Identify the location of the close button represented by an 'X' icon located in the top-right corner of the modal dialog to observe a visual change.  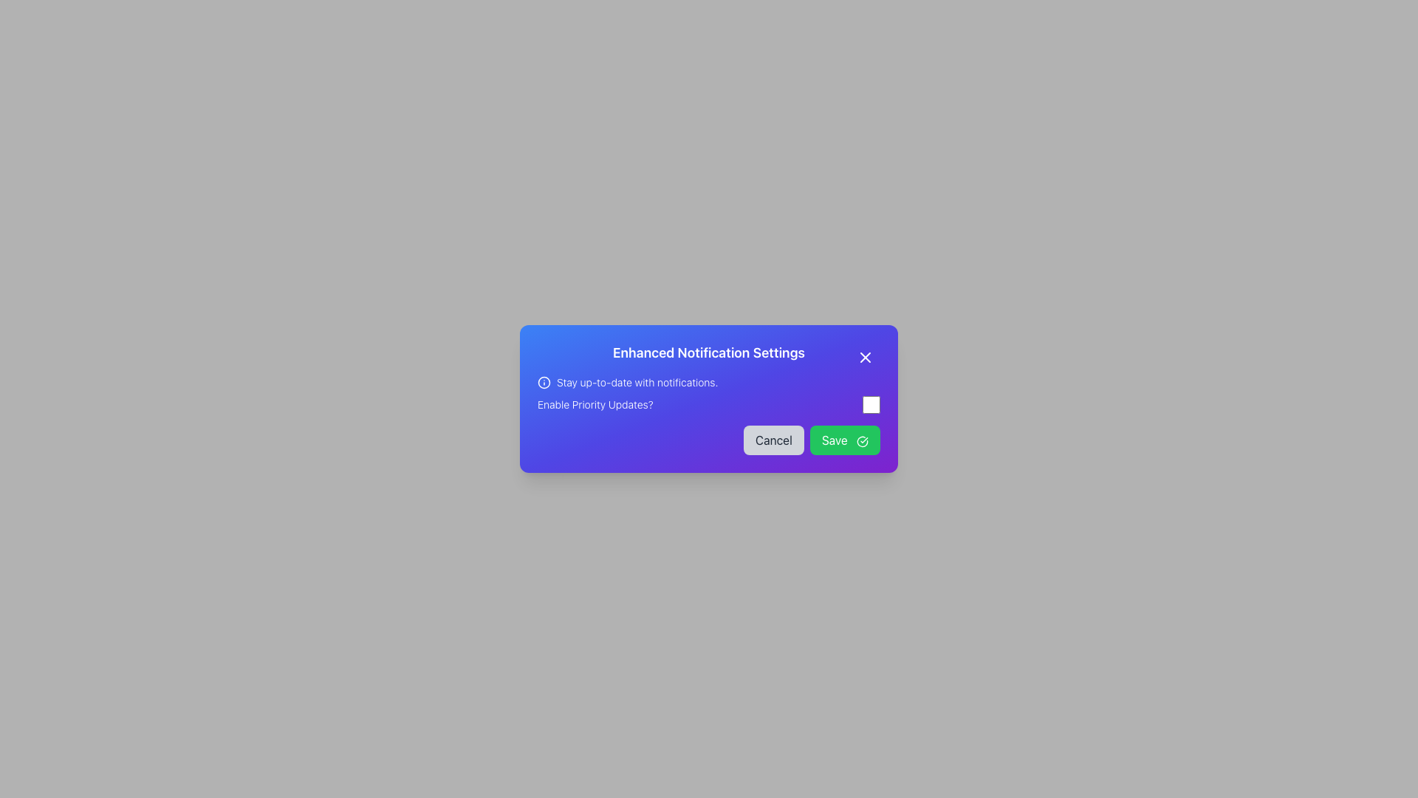
(865, 357).